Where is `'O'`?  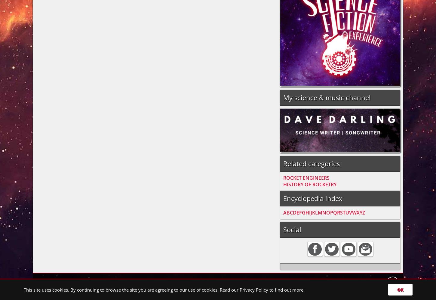 'O' is located at coordinates (328, 212).